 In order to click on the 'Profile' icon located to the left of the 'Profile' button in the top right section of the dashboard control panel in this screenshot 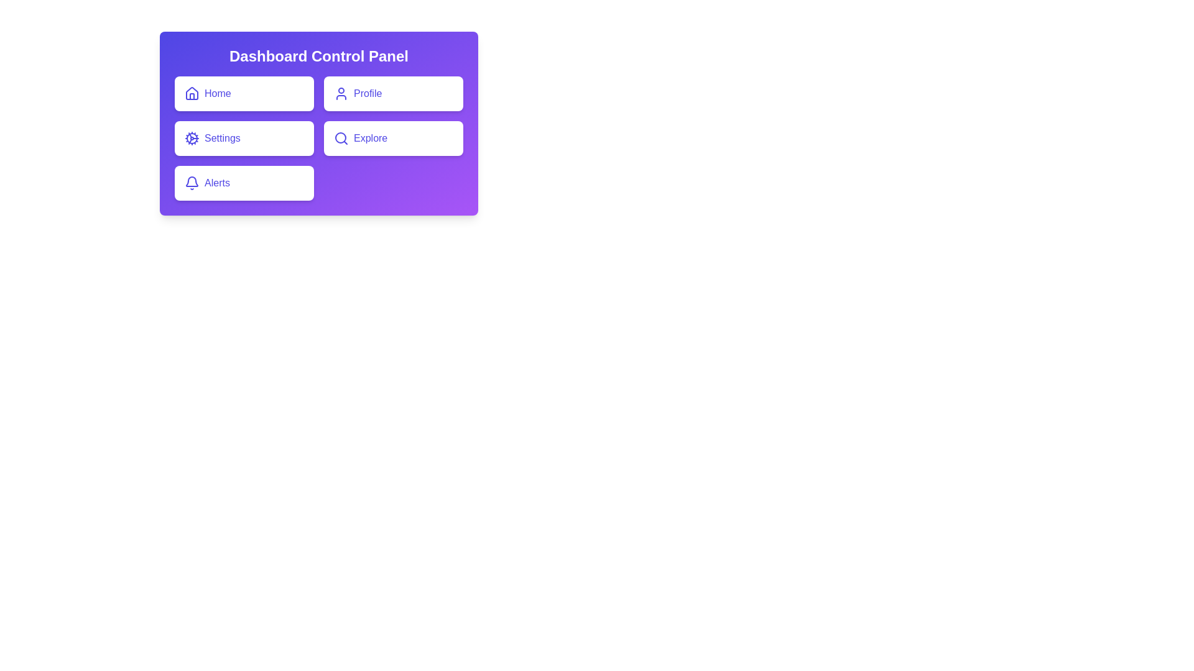, I will do `click(341, 93)`.